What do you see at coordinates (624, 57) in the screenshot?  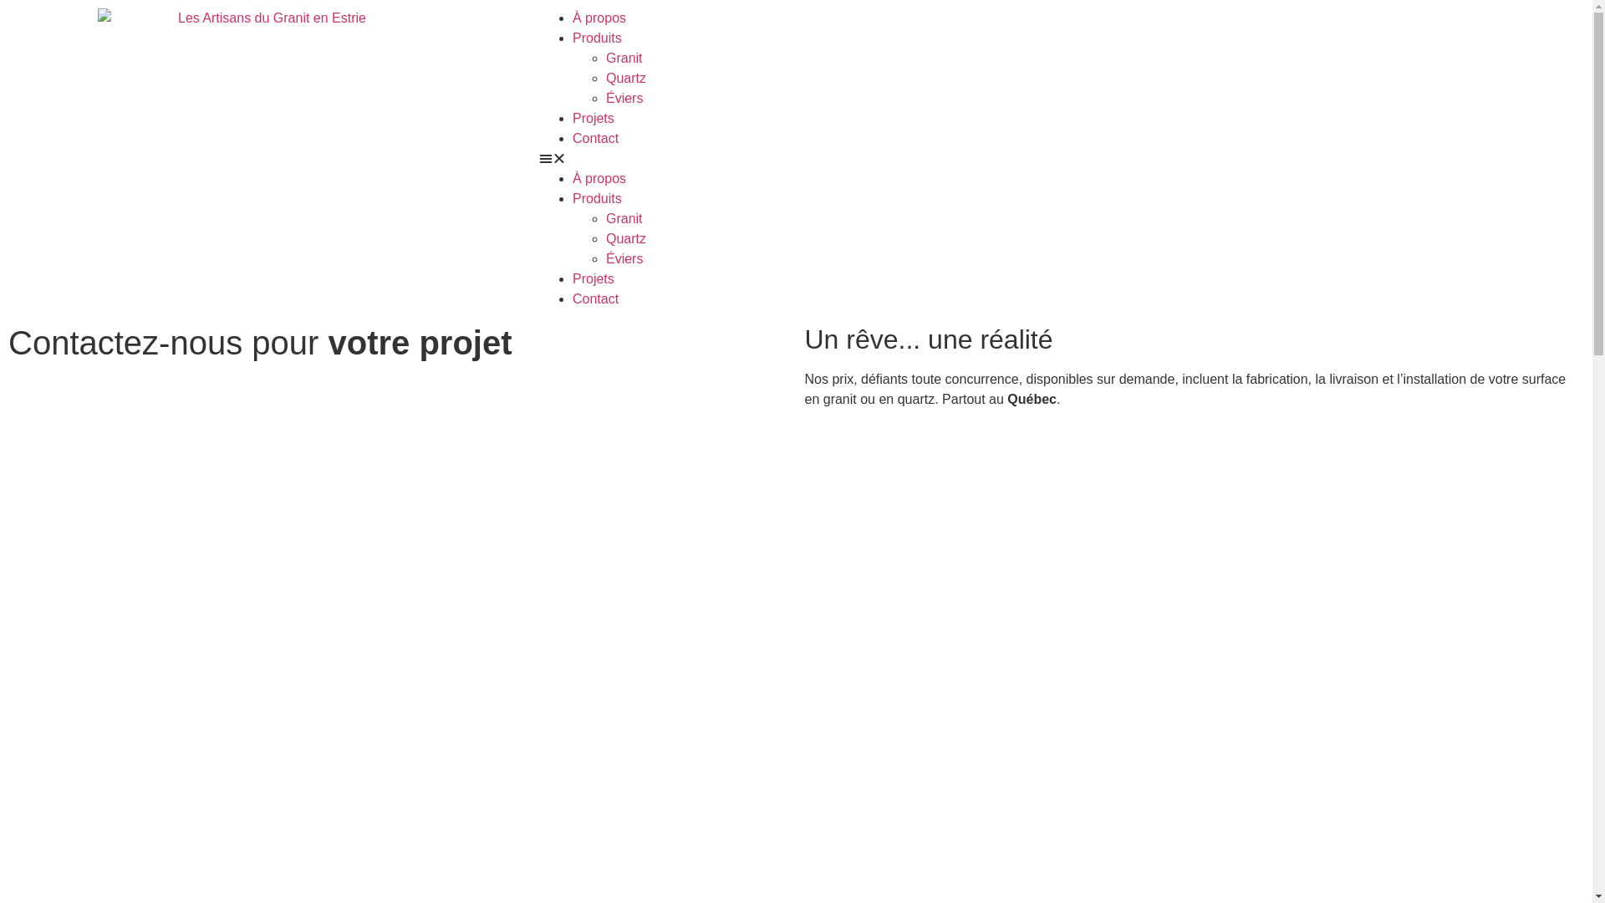 I see `'Granit'` at bounding box center [624, 57].